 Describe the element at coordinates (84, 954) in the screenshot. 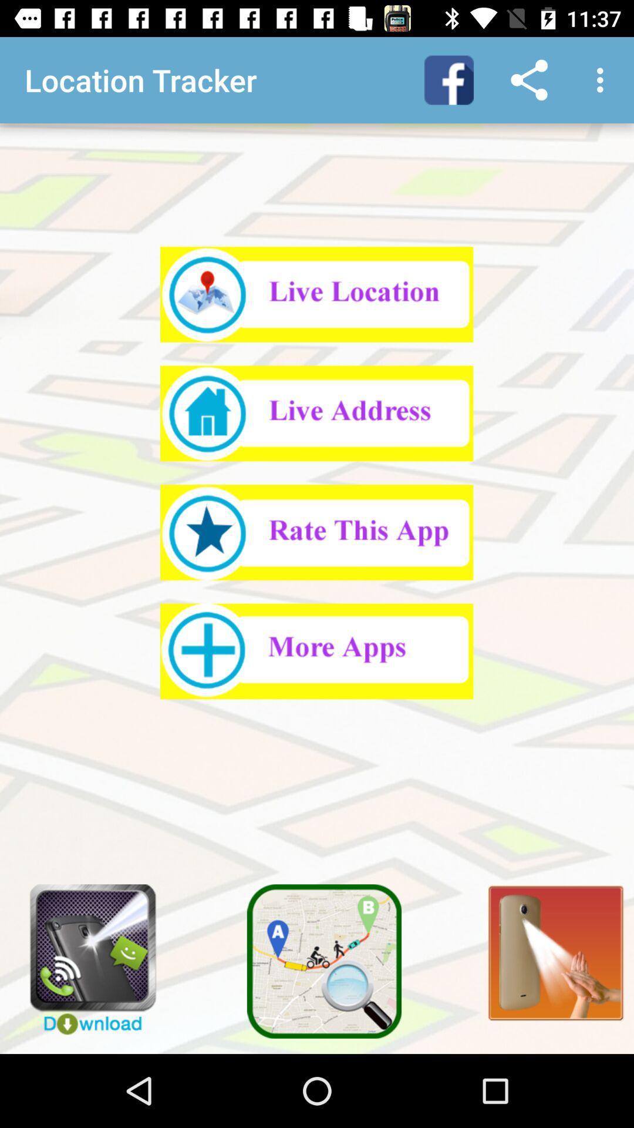

I see `open advertisement for phone flashlight` at that location.